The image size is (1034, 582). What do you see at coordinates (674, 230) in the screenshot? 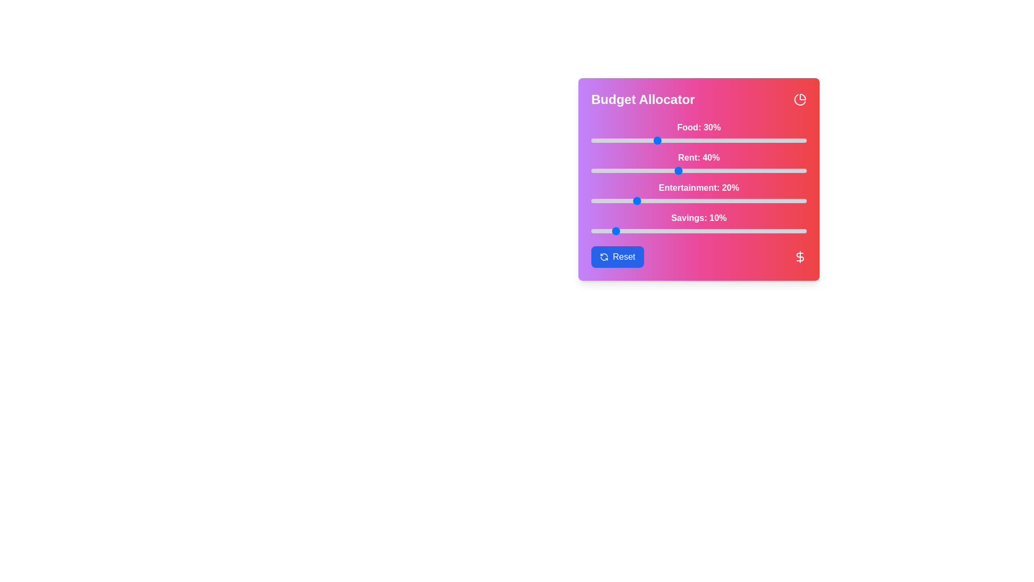
I see `the savings slider` at bounding box center [674, 230].